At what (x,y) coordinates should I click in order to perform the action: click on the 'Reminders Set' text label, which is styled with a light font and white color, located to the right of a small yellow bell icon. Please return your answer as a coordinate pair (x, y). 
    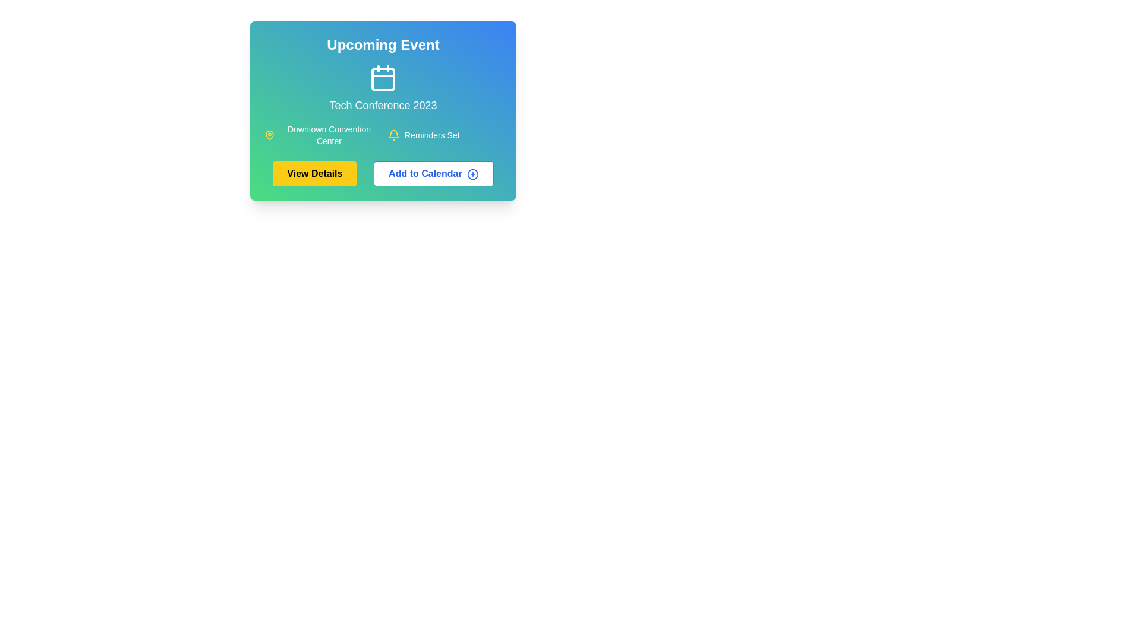
    Looking at the image, I should click on (431, 134).